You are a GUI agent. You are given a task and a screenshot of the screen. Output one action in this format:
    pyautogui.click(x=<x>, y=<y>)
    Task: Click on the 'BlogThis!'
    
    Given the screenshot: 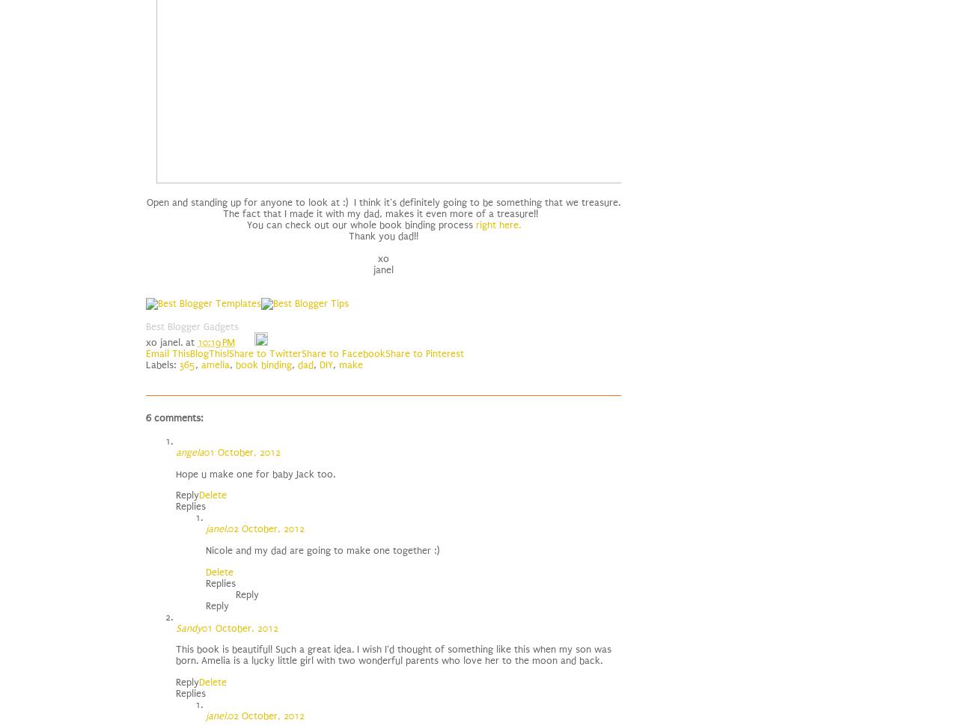 What is the action you would take?
    pyautogui.click(x=209, y=352)
    